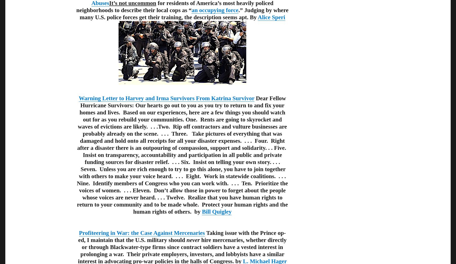 The height and width of the screenshot is (264, 456). I want to click on 'for residents of America’s most heavily policed neighborhoods to describe their local cops as “', so click(174, 6).